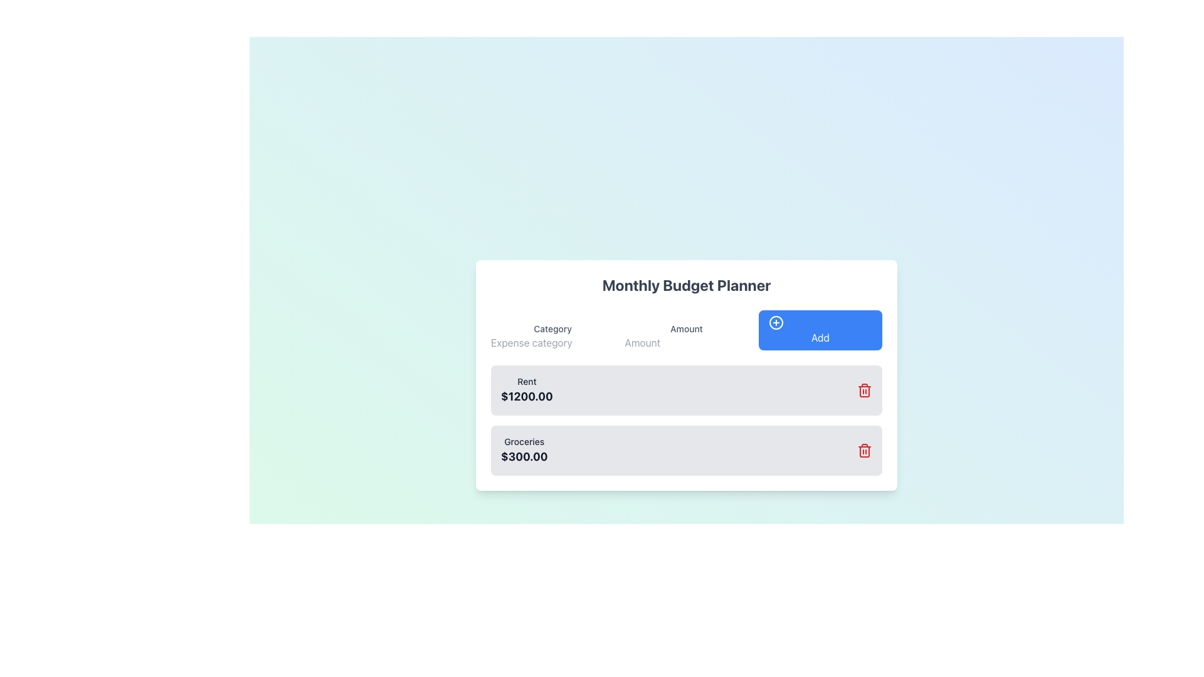 This screenshot has width=1204, height=677. What do you see at coordinates (527, 381) in the screenshot?
I see `the text label displaying 'Rent' which is styled in a small, medium weight, dark gray sans-serif font, positioned above the amount '$1200.00' in the Monthly Budget Planner interface` at bounding box center [527, 381].